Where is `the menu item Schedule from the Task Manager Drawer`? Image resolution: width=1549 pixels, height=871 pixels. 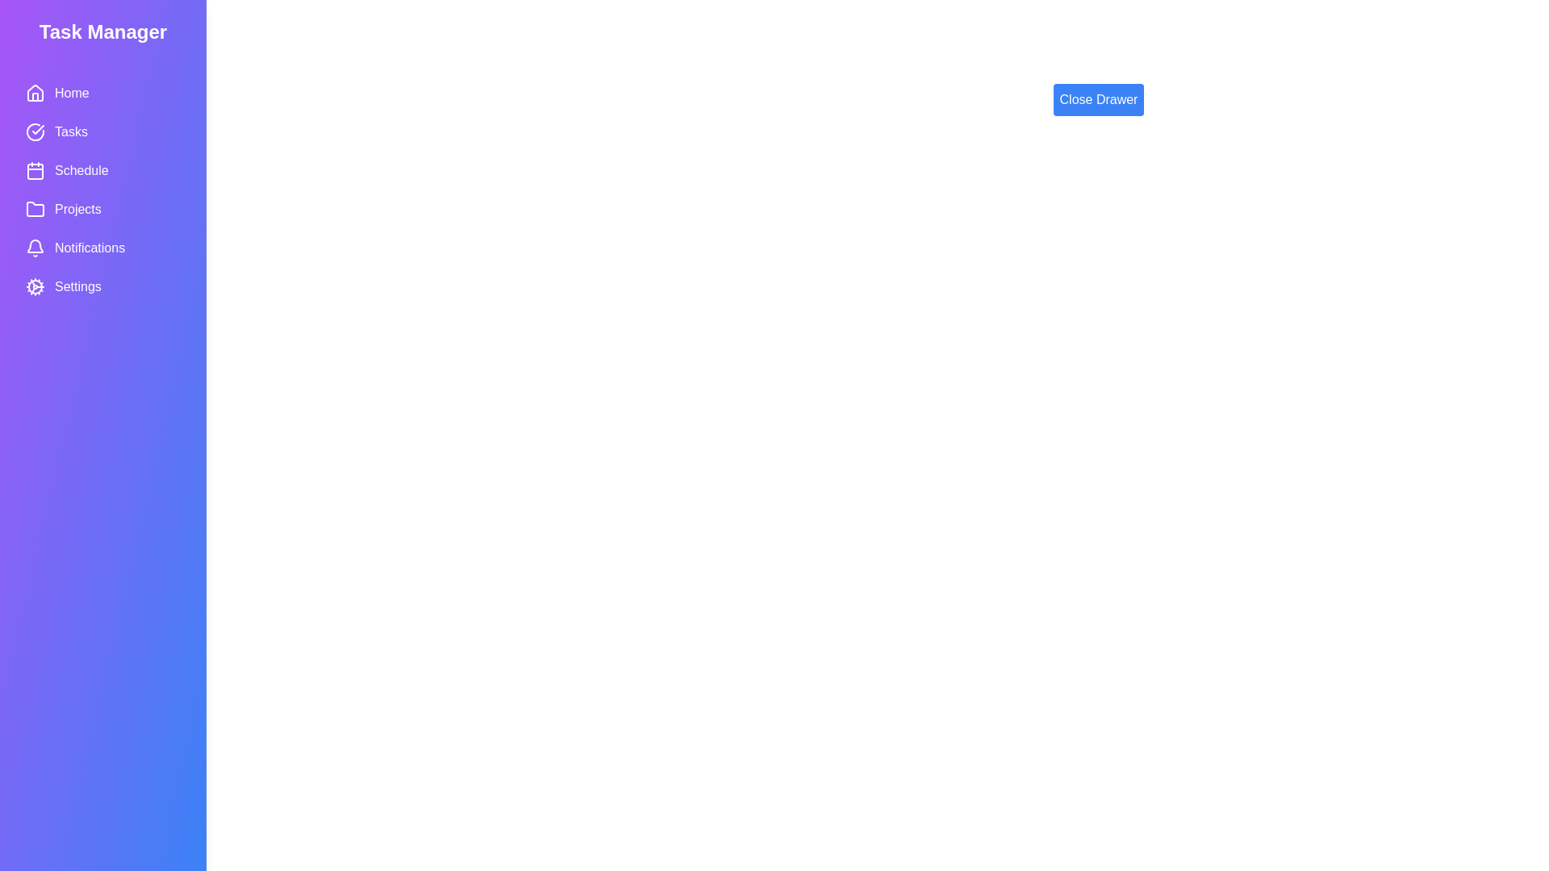
the menu item Schedule from the Task Manager Drawer is located at coordinates (102, 171).